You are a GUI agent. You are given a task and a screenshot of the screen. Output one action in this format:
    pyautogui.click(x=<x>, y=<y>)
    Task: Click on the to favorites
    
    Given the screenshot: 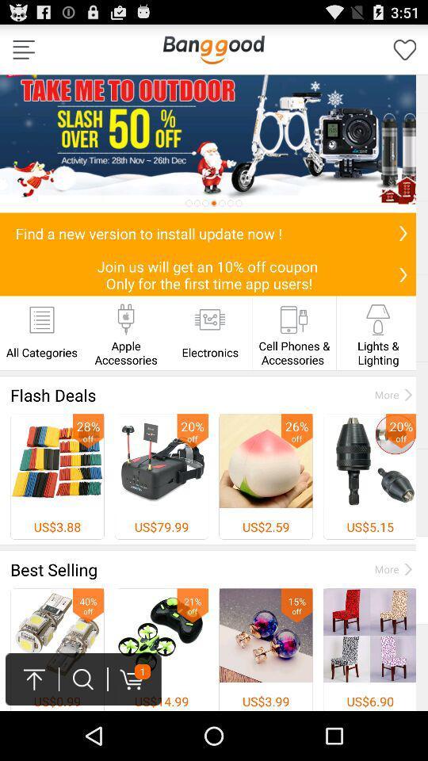 What is the action you would take?
    pyautogui.click(x=405, y=49)
    